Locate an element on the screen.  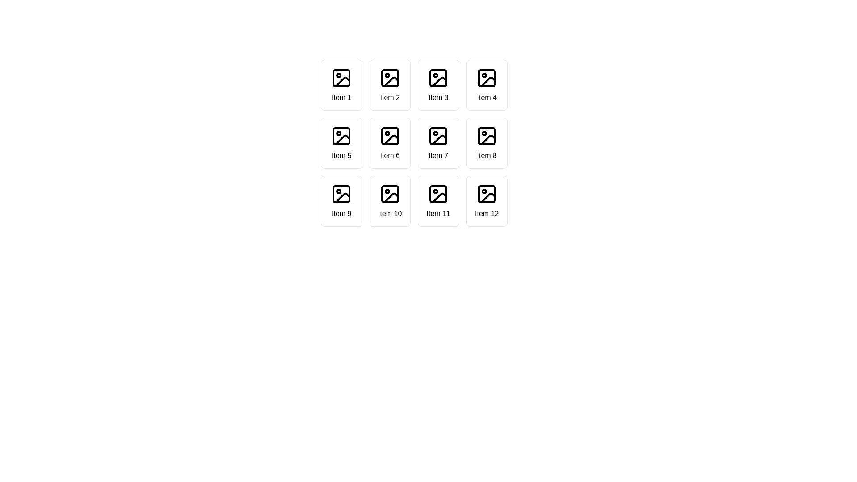
the graphical details of the square-shaped icon with rounded corners, which is located inside a larger icon in the second position of the items grid is located at coordinates (390, 77).